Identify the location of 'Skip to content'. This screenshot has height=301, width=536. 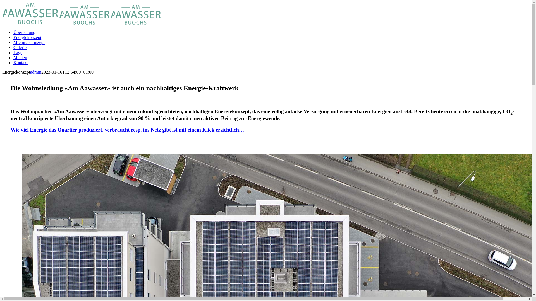
(2, 2).